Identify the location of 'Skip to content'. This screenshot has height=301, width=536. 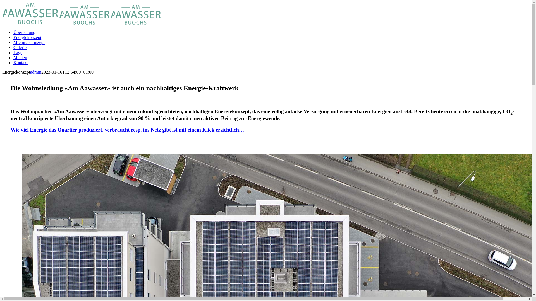
(2, 2).